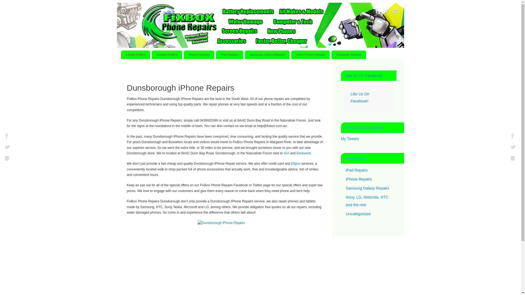 The height and width of the screenshot is (295, 525). What do you see at coordinates (358, 213) in the screenshot?
I see `'Uncategorized'` at bounding box center [358, 213].